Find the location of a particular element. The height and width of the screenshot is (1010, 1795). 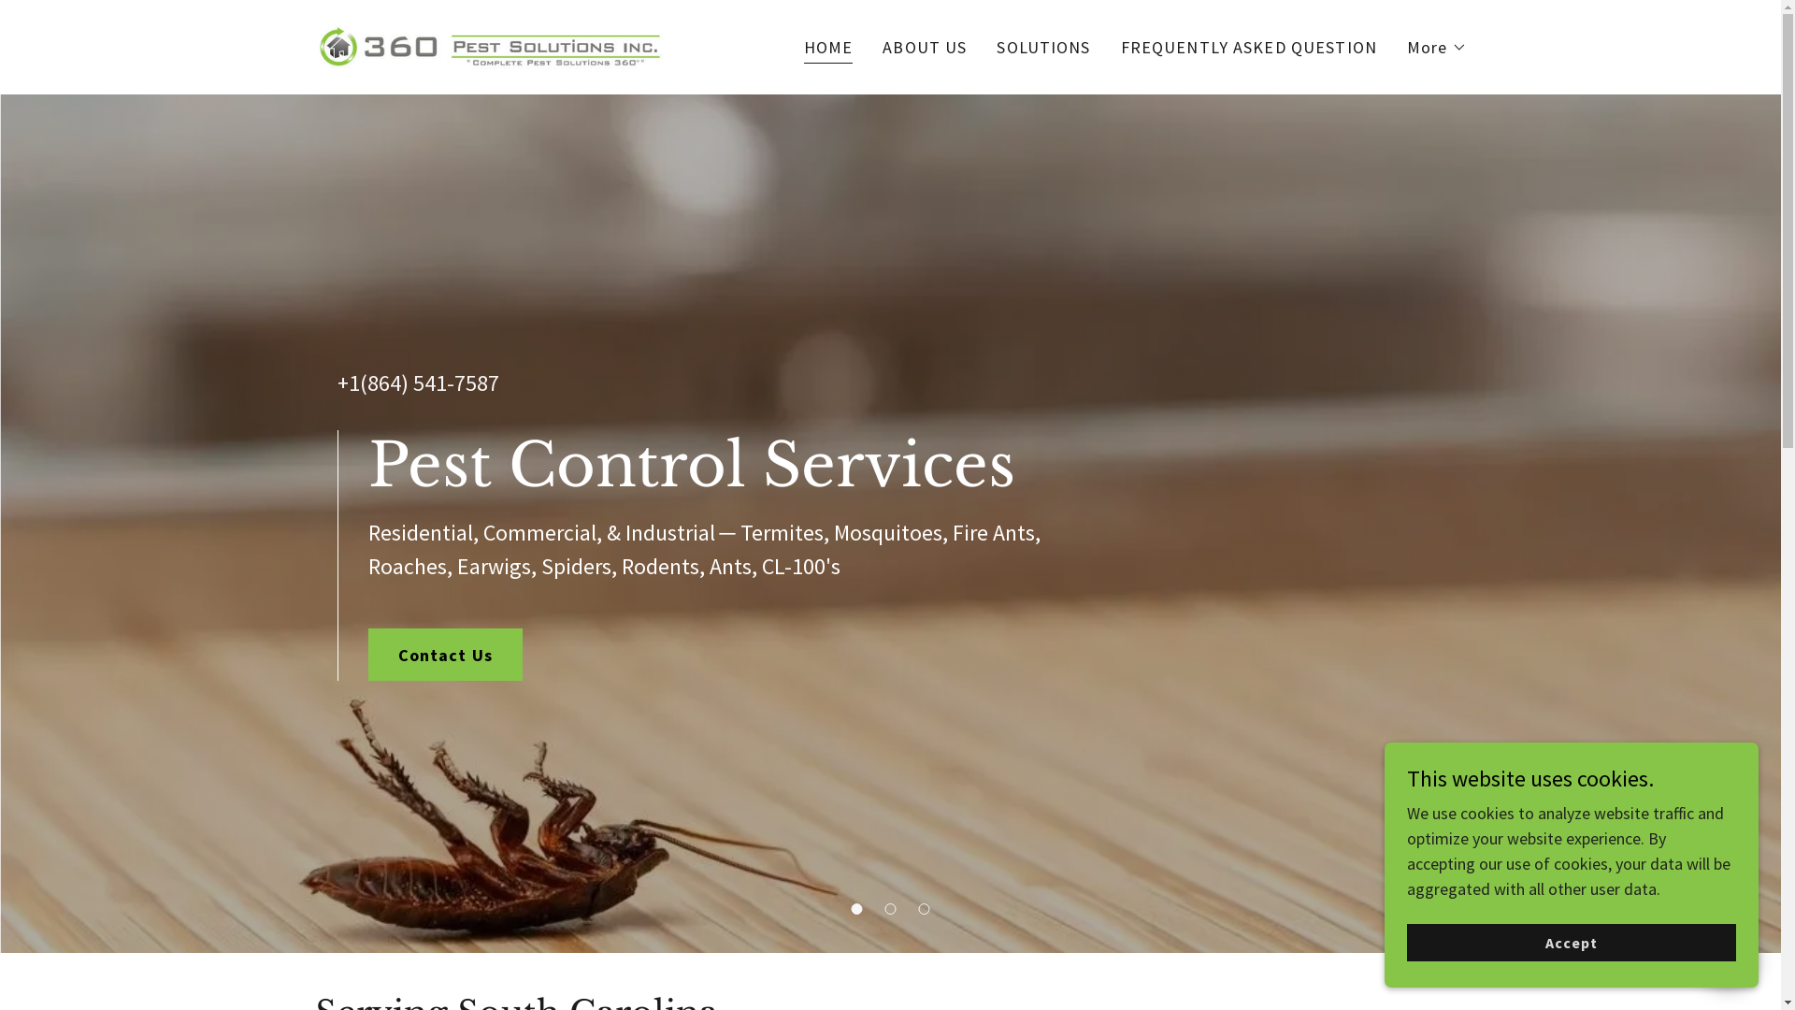

'360 Pests Solutions, Inc.' is located at coordinates (489, 44).